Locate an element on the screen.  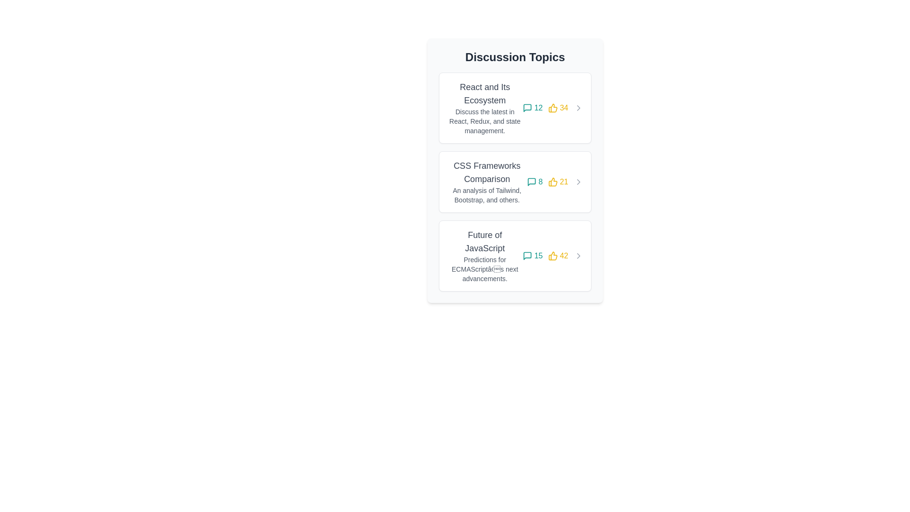
the gray right-arrow icon, which is the last item in a horizontal arrangement is located at coordinates (578, 107).